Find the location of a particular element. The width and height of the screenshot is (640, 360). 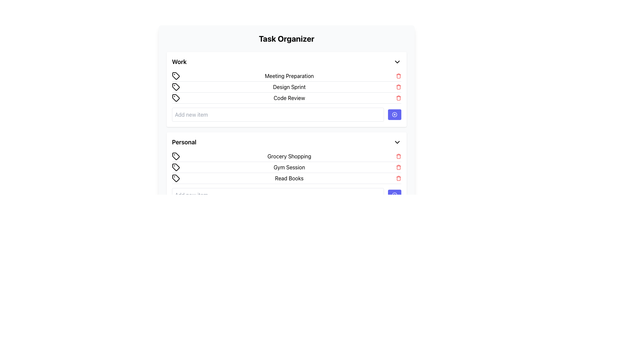

the 'Code Review' list item, which is the third entry in the 'Work' section is located at coordinates (286, 98).